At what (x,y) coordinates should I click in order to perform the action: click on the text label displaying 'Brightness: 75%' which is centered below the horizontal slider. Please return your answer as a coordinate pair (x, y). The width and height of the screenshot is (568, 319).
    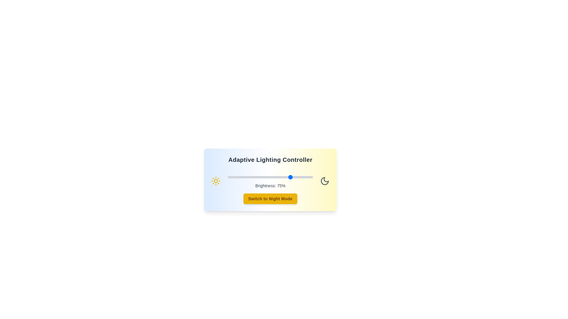
    Looking at the image, I should click on (270, 185).